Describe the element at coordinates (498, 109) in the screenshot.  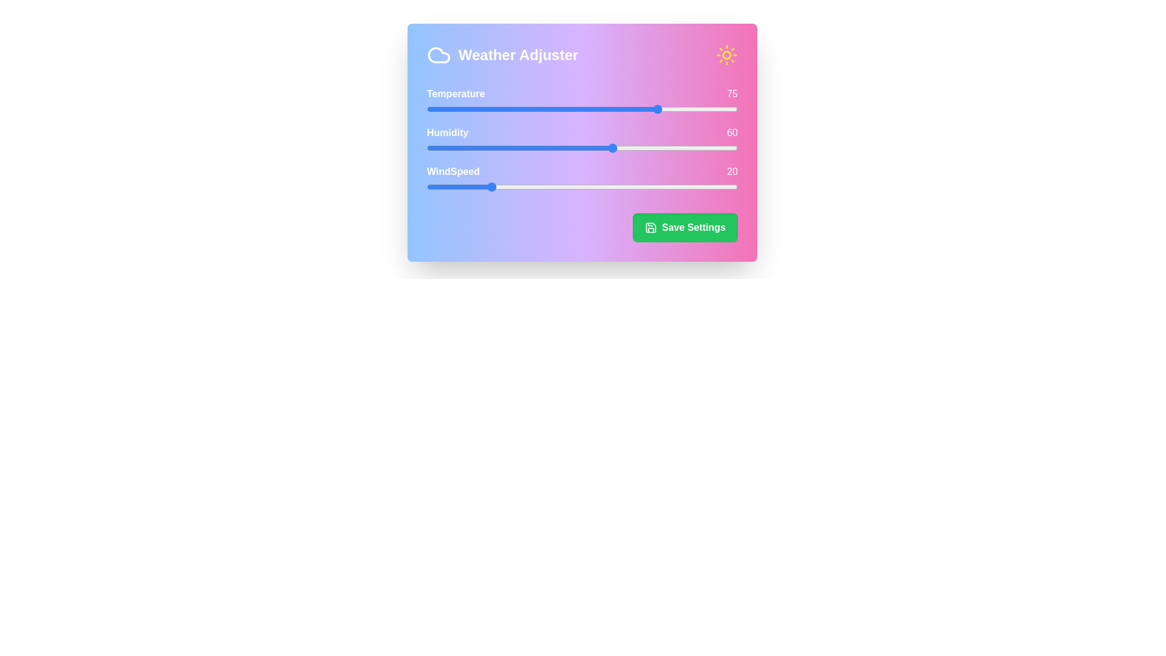
I see `the temperature slider` at that location.